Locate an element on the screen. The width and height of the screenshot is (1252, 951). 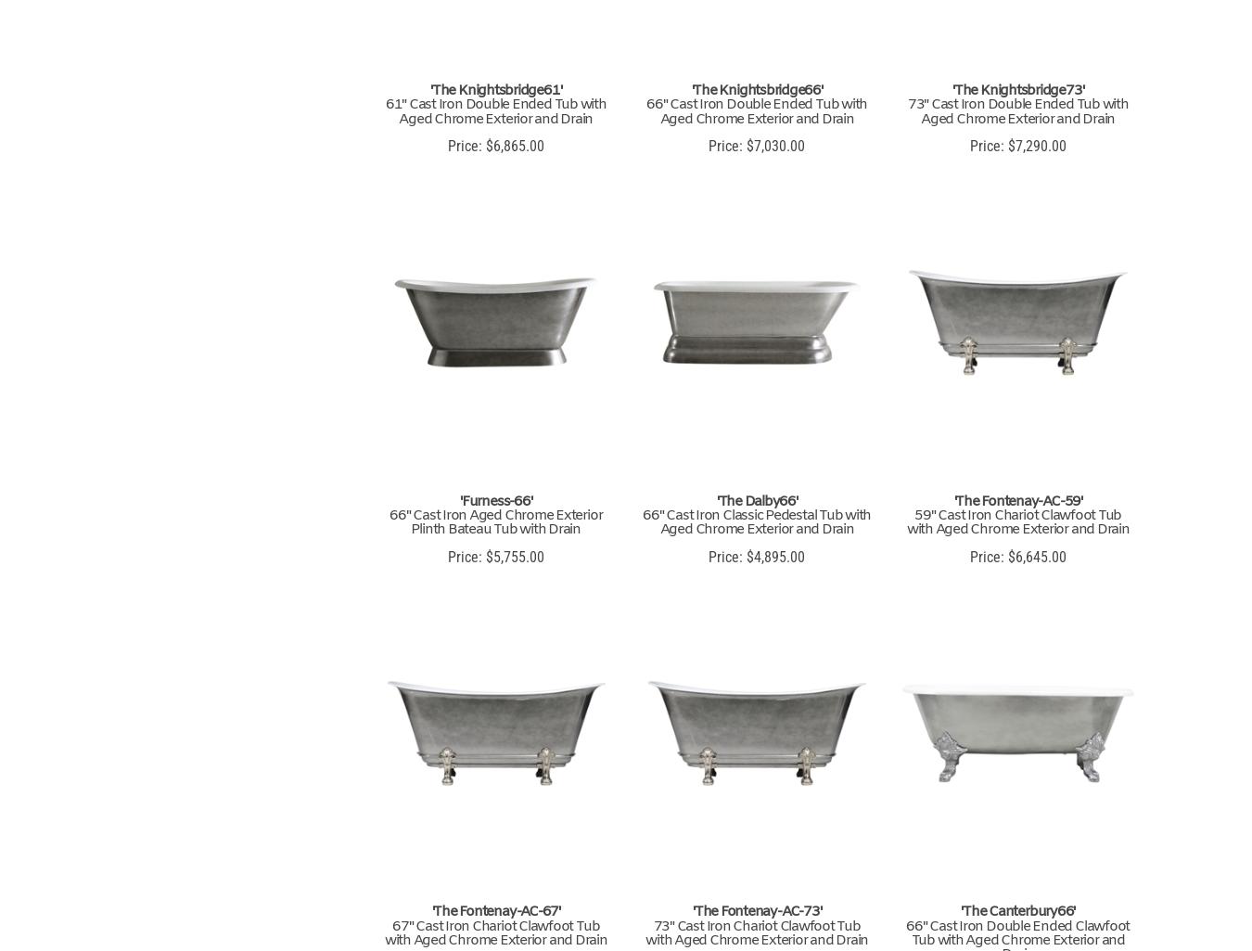
'$7,290.00' is located at coordinates (1034, 145).